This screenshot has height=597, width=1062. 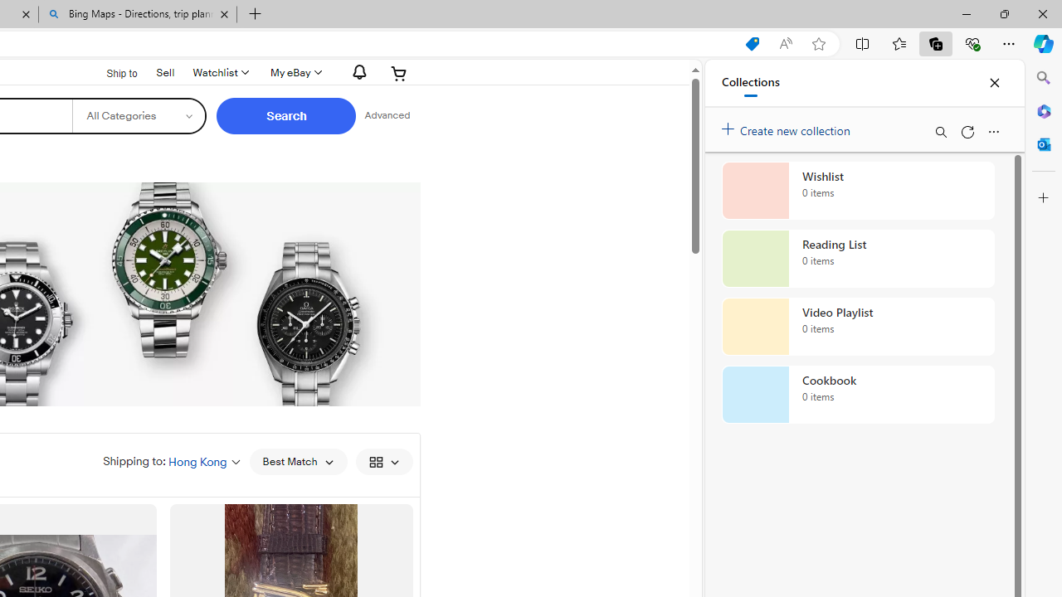 What do you see at coordinates (298, 461) in the screenshot?
I see `'Sort: Best Match'` at bounding box center [298, 461].